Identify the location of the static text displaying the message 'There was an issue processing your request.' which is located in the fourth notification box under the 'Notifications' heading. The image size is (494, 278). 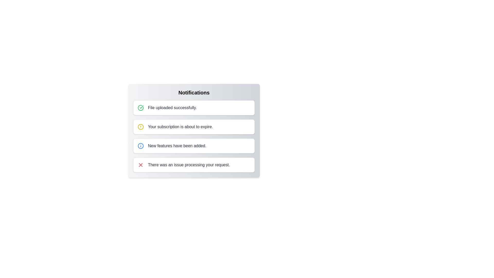
(189, 165).